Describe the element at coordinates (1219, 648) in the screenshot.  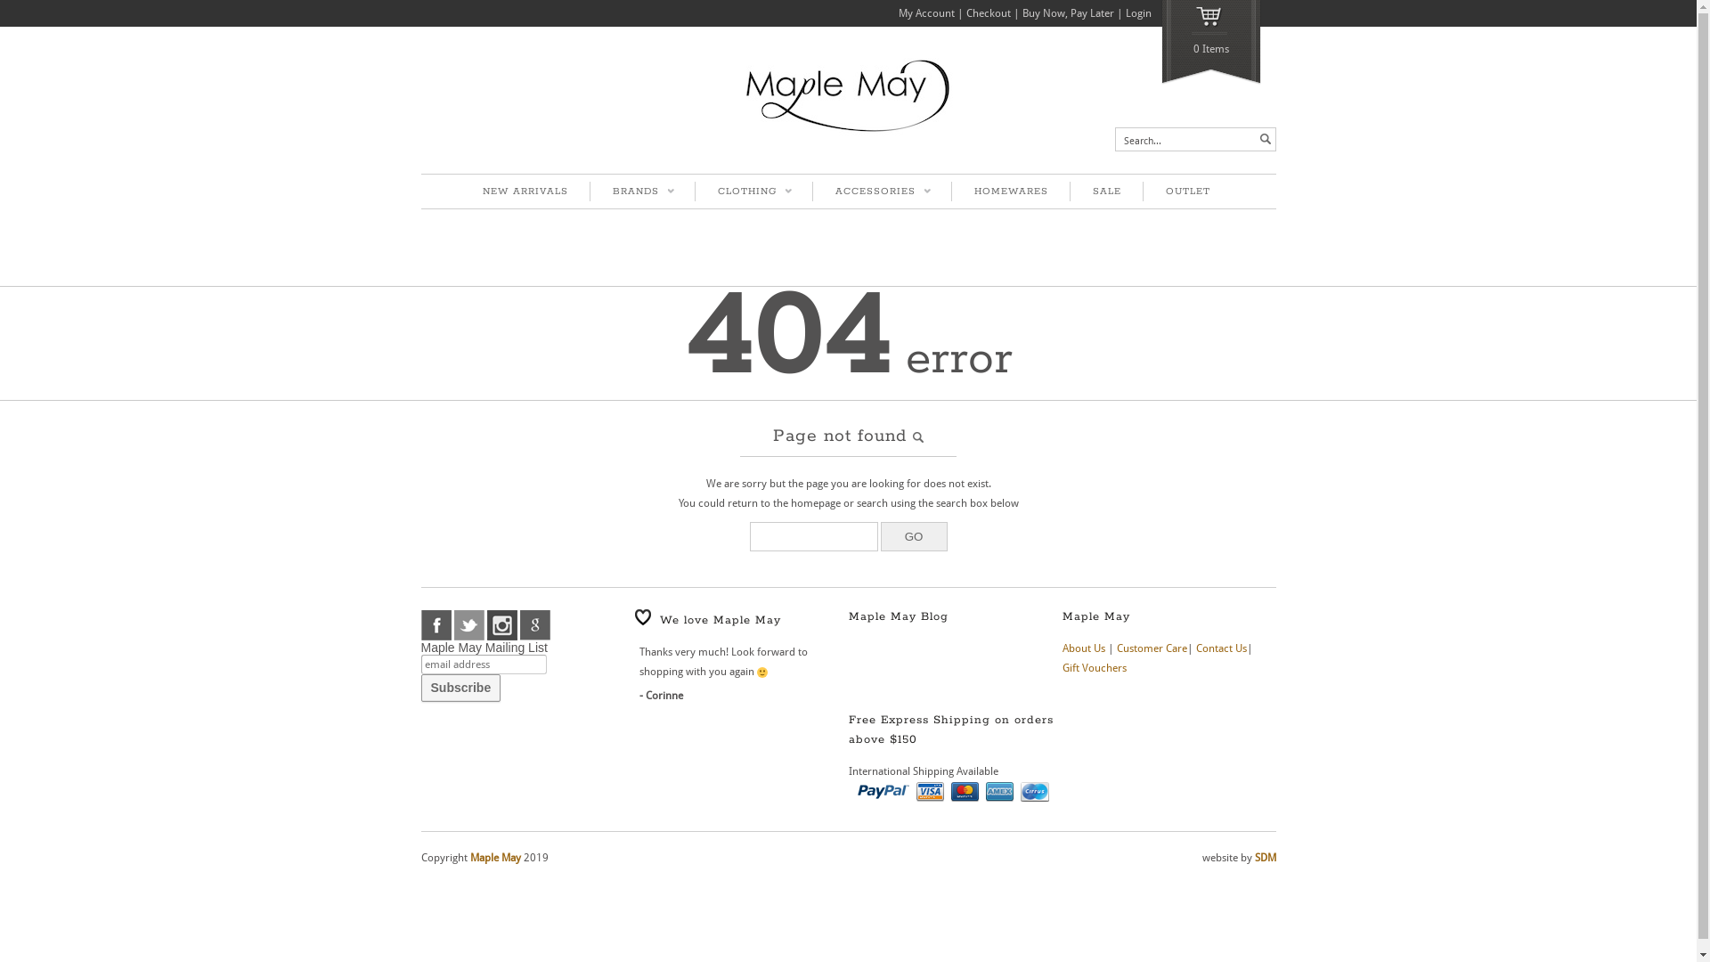
I see `'Contact Us'` at that location.